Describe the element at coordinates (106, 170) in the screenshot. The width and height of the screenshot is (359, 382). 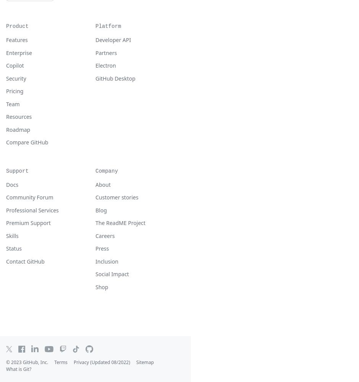
I see `'Company'` at that location.